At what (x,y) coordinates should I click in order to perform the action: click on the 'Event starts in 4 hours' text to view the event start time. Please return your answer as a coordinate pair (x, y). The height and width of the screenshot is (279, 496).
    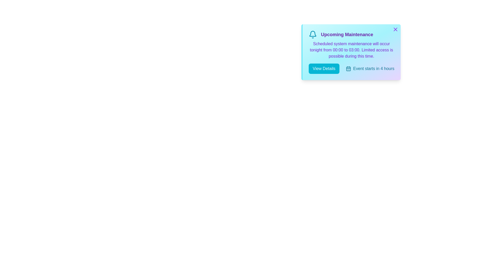
    Looking at the image, I should click on (370, 68).